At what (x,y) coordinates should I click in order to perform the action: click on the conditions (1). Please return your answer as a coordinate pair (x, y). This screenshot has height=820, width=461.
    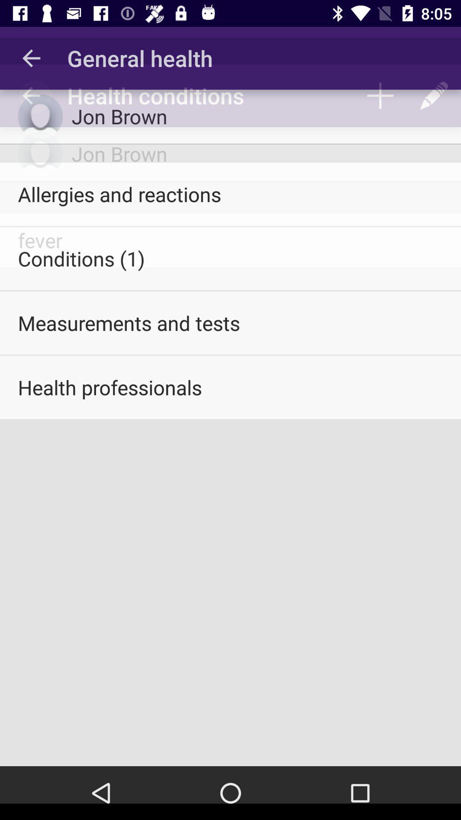
    Looking at the image, I should click on (230, 258).